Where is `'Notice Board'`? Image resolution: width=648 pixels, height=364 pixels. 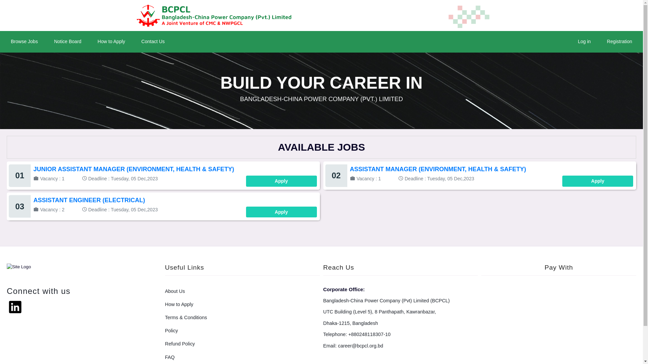 'Notice Board' is located at coordinates (67, 41).